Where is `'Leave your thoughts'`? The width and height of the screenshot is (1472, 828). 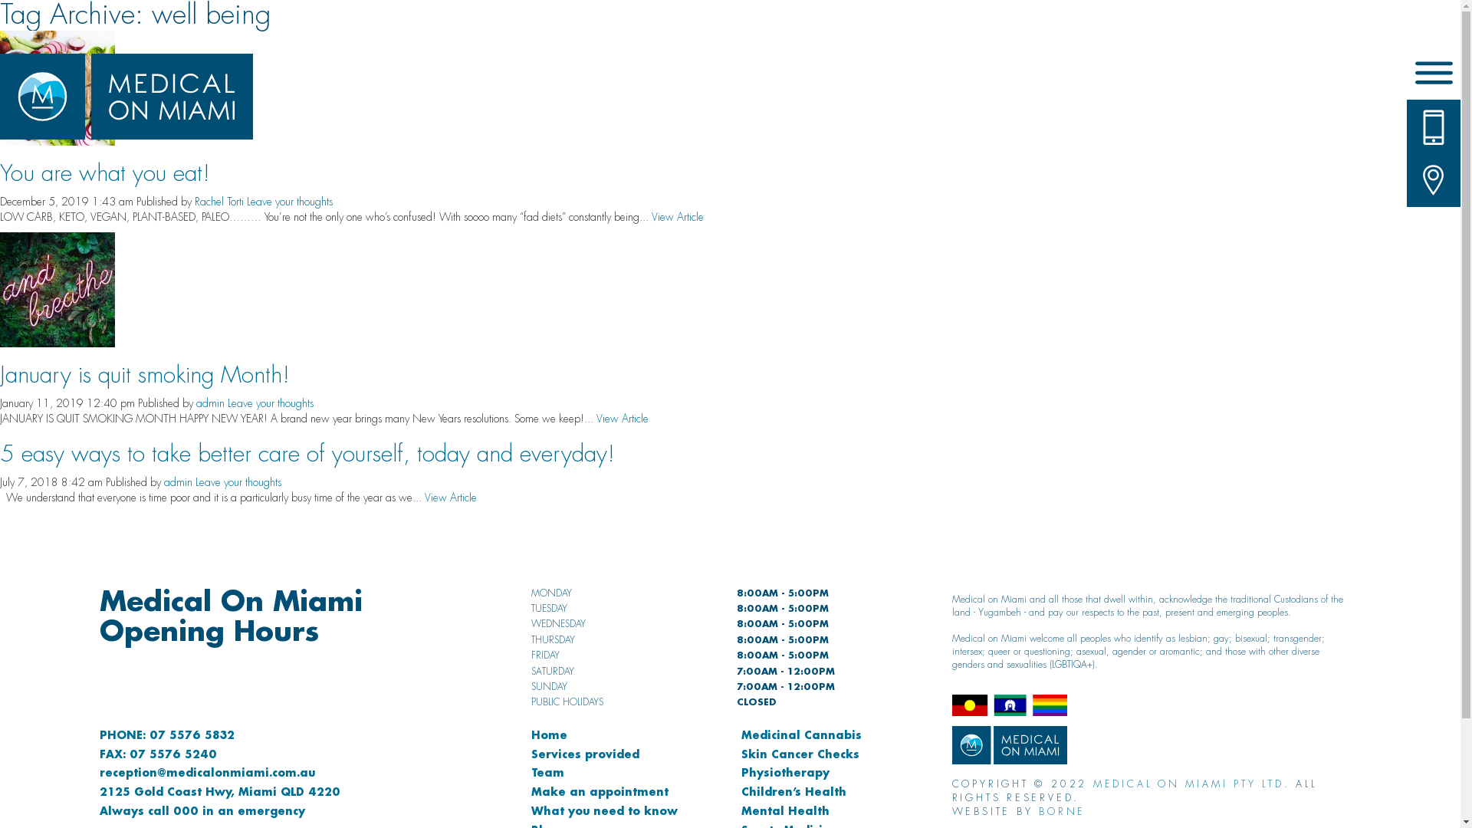
'Leave your thoughts' is located at coordinates (271, 402).